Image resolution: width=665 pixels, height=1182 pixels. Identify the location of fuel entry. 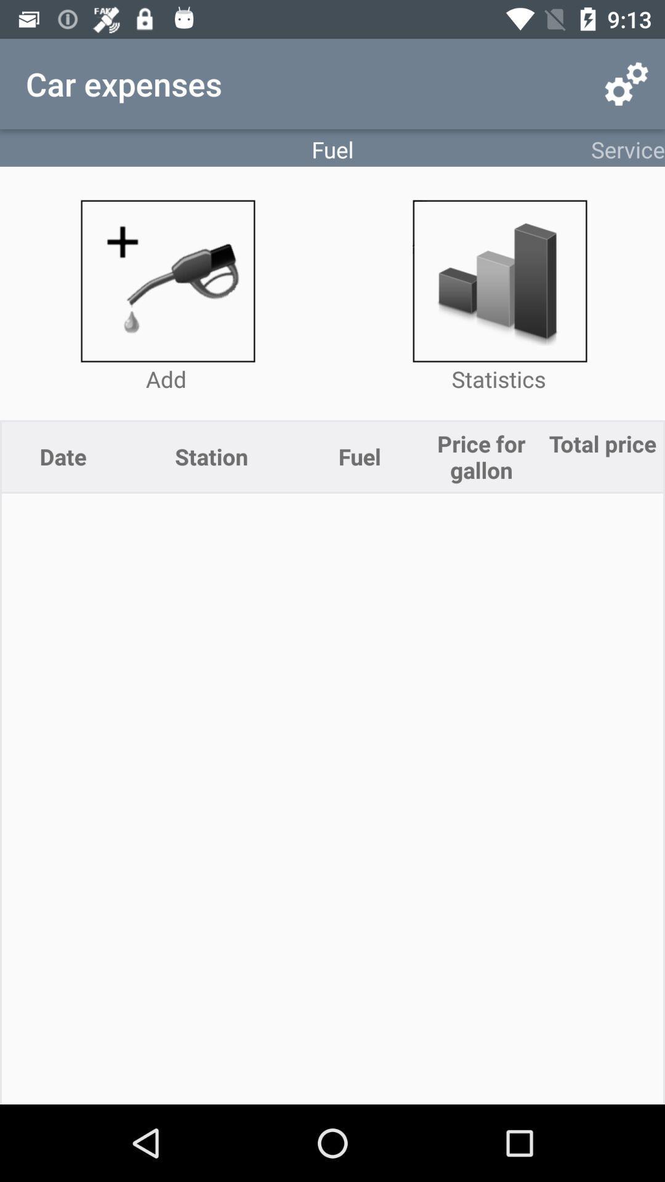
(166, 280).